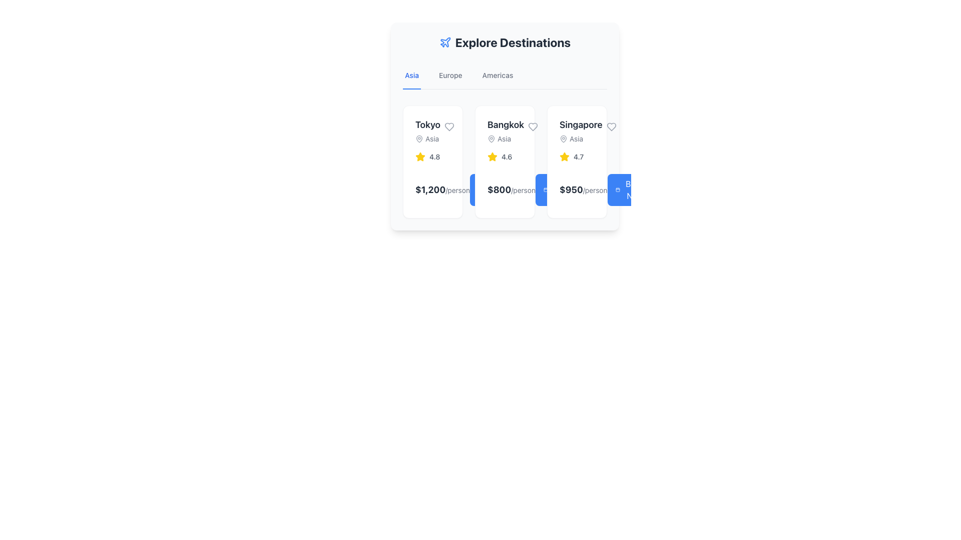 The height and width of the screenshot is (540, 961). Describe the element at coordinates (565, 156) in the screenshot. I see `the star icon representing the rating for the Singapore travel destination, located to the left of the numerical rating '4.7' on the third card in the 'Explore Destinations' section` at that location.